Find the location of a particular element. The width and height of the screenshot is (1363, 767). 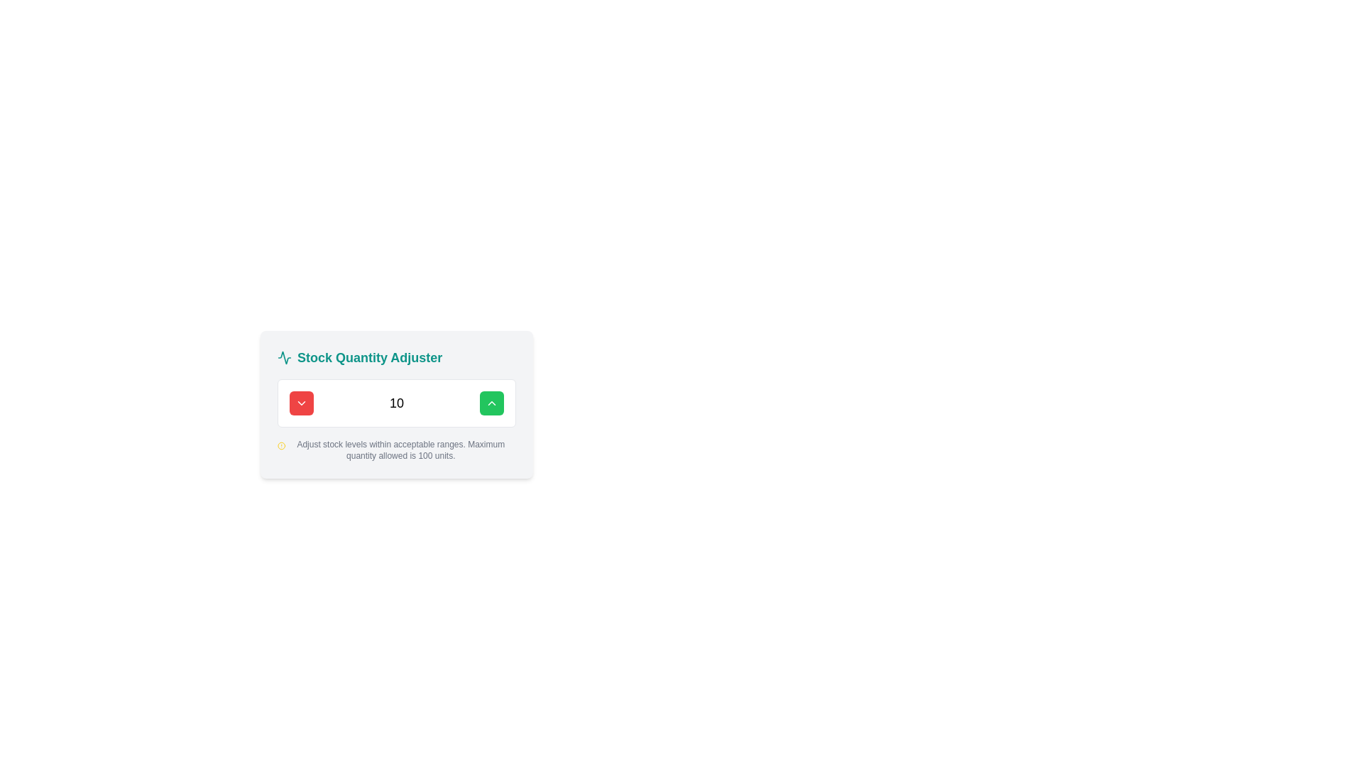

the Header titled 'Stock Quantity Adjuster', which is displayed in a bold teal-blue font and features a small graph icon on its left side is located at coordinates (360, 357).